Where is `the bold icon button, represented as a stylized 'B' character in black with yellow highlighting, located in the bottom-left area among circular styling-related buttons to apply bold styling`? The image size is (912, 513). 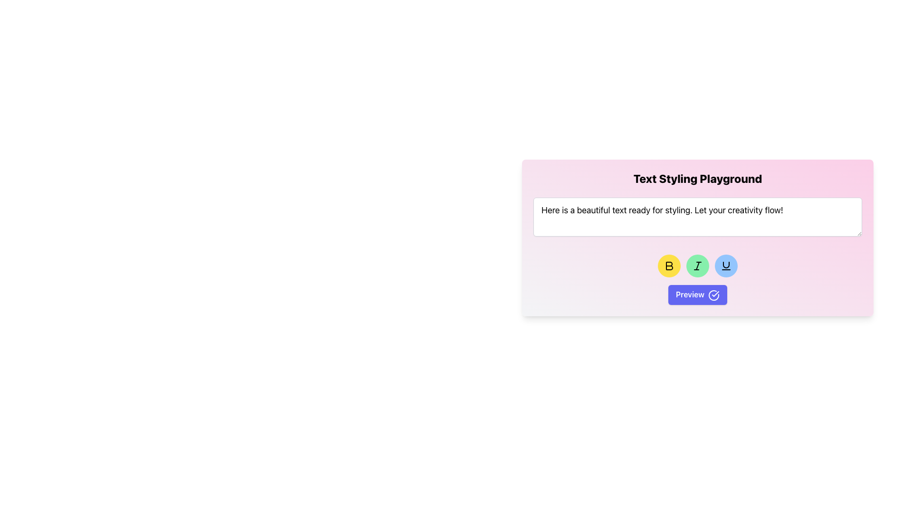
the bold icon button, represented as a stylized 'B' character in black with yellow highlighting, located in the bottom-left area among circular styling-related buttons to apply bold styling is located at coordinates (669, 266).